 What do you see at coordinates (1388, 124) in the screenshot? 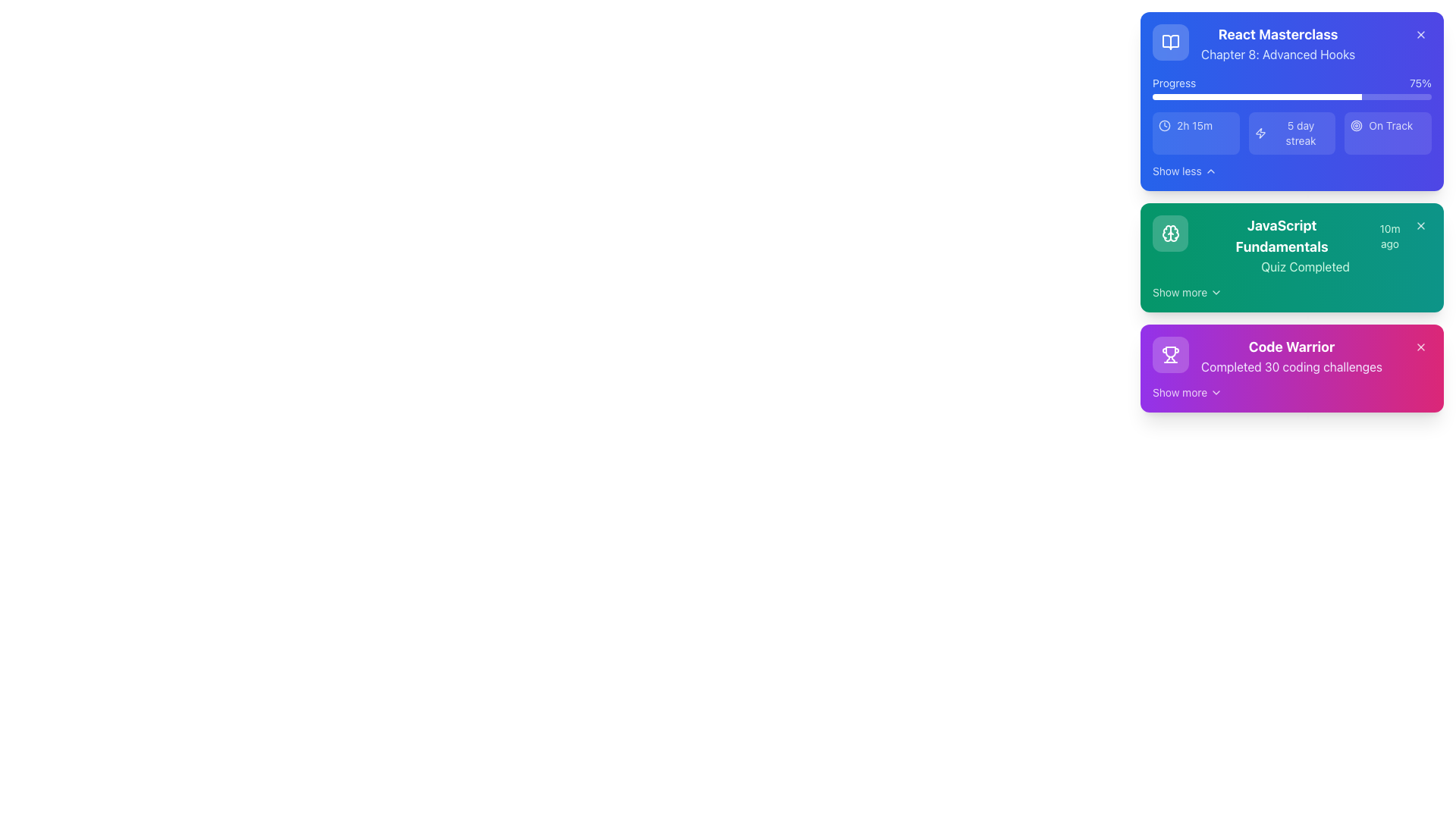
I see `the status indicator for the 'React Masterclass' card located at the top right corner of the interface, which provides contextual information about the progress or state of the learning module` at bounding box center [1388, 124].